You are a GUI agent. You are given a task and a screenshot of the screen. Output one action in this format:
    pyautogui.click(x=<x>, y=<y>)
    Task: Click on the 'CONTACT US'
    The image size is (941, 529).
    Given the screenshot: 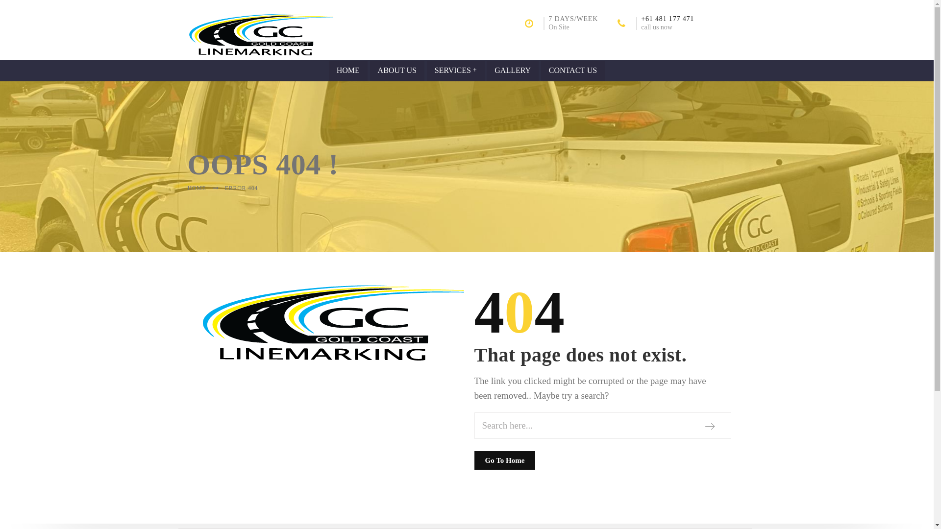 What is the action you would take?
    pyautogui.click(x=573, y=71)
    